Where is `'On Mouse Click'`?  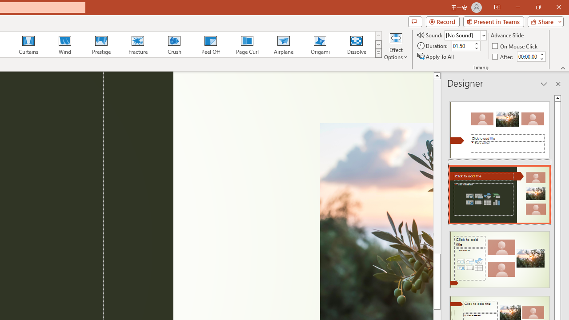 'On Mouse Click' is located at coordinates (515, 46).